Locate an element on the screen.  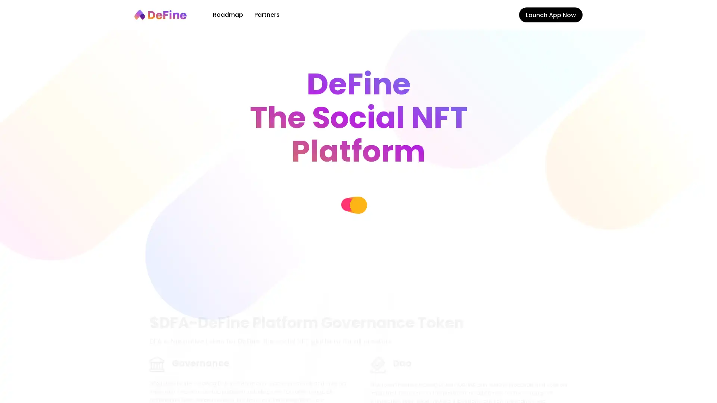
Launch App Now is located at coordinates (550, 15).